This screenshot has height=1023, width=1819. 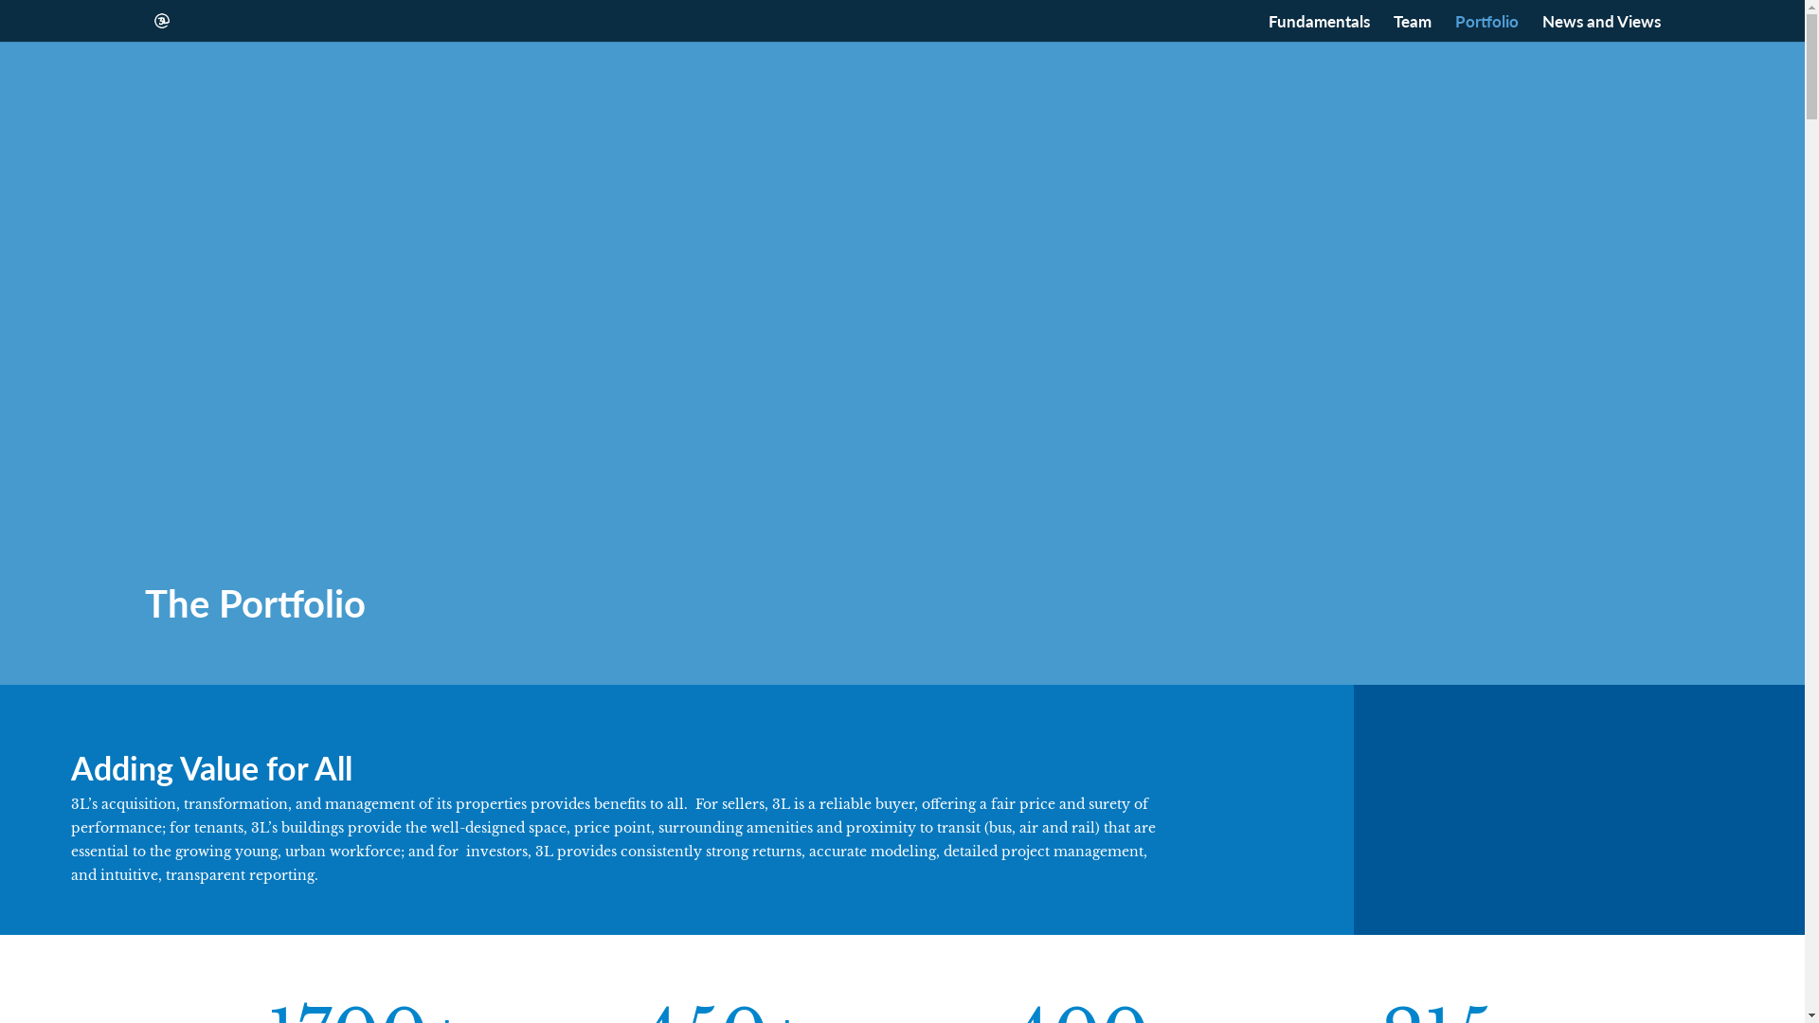 I want to click on 'Portfolio', so click(x=1486, y=27).